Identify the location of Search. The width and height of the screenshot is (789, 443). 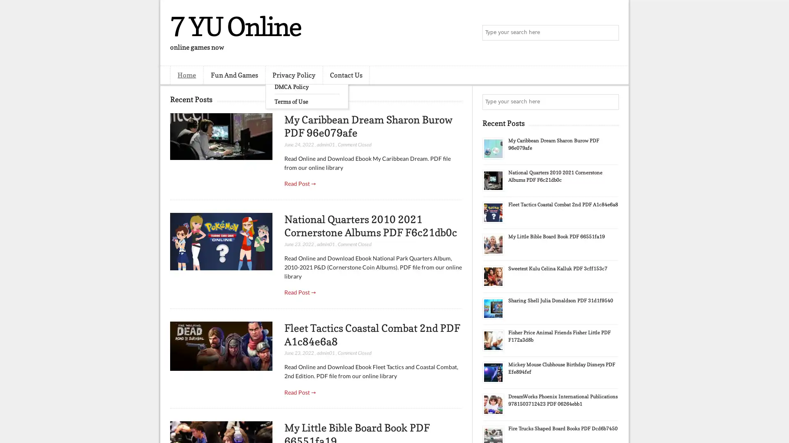
(610, 33).